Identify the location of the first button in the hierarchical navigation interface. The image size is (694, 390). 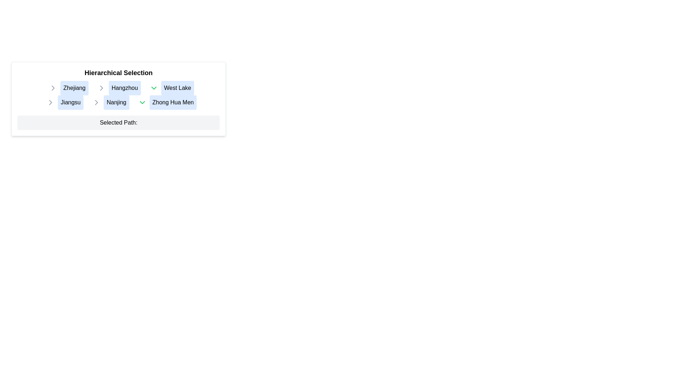
(70, 103).